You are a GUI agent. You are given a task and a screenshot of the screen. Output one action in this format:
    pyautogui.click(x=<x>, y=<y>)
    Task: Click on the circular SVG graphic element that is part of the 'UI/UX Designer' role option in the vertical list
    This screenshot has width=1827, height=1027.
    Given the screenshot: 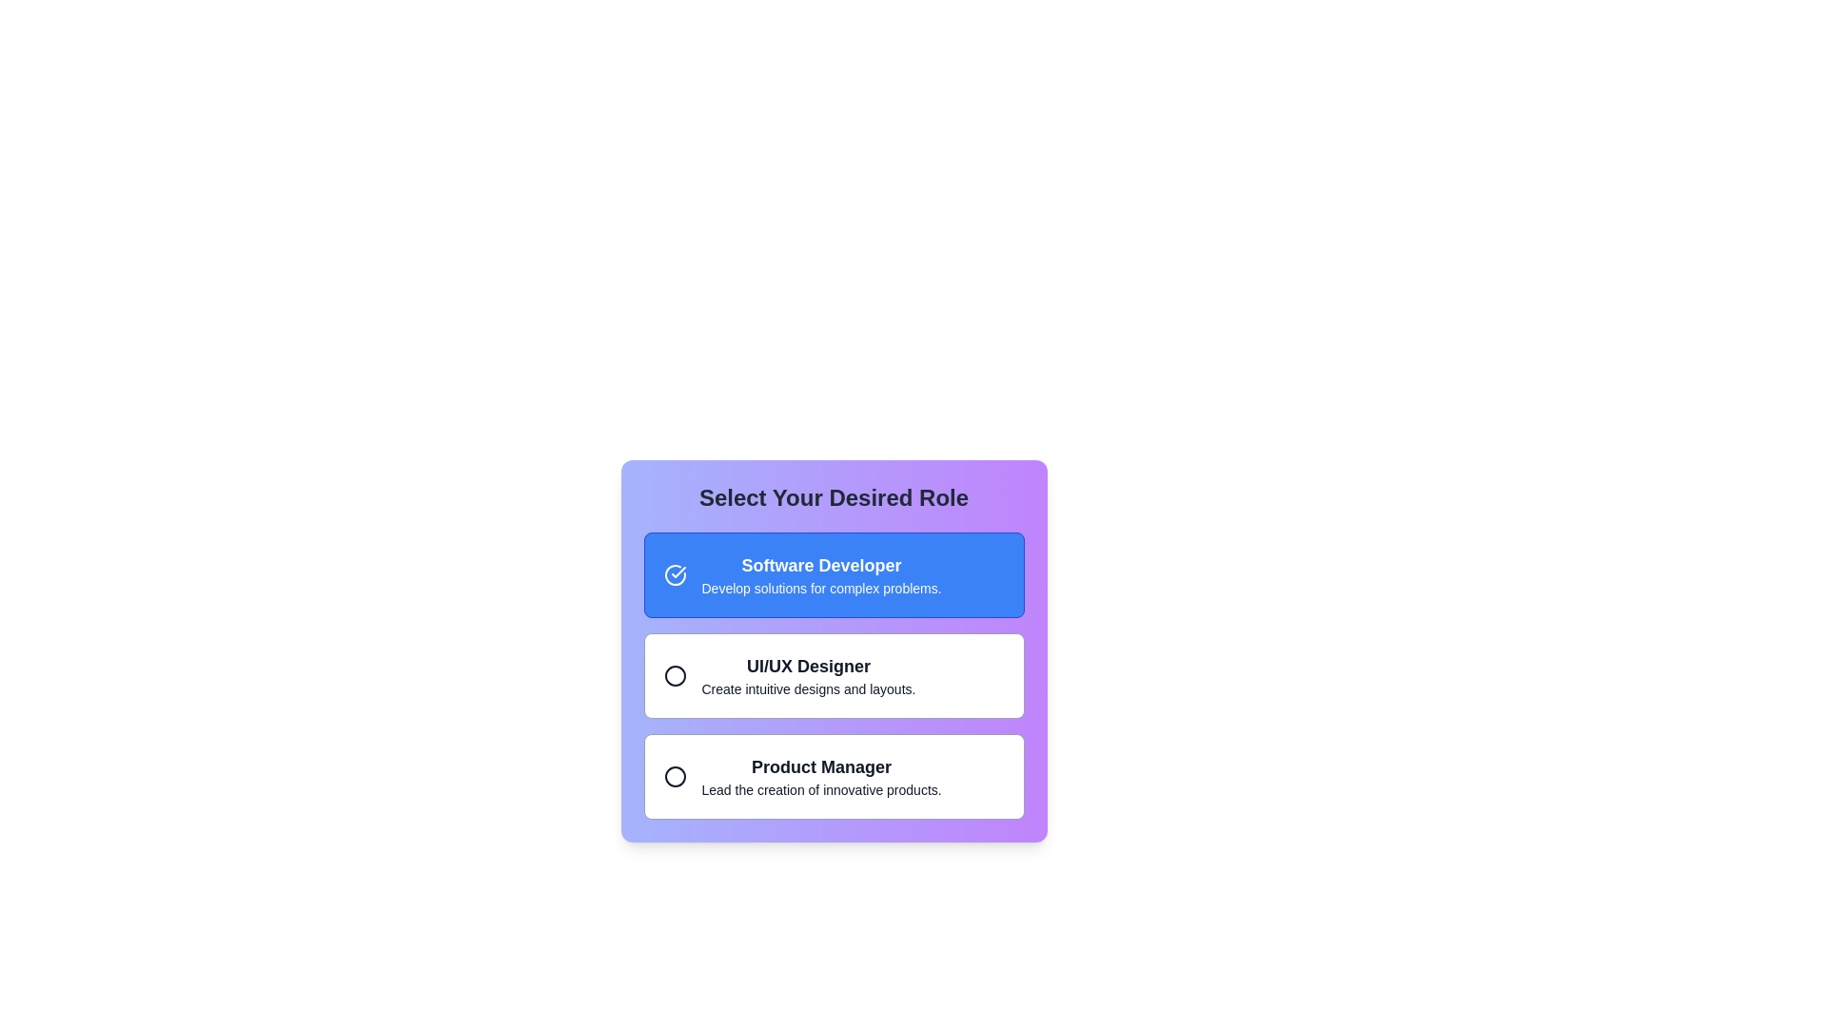 What is the action you would take?
    pyautogui.click(x=675, y=674)
    